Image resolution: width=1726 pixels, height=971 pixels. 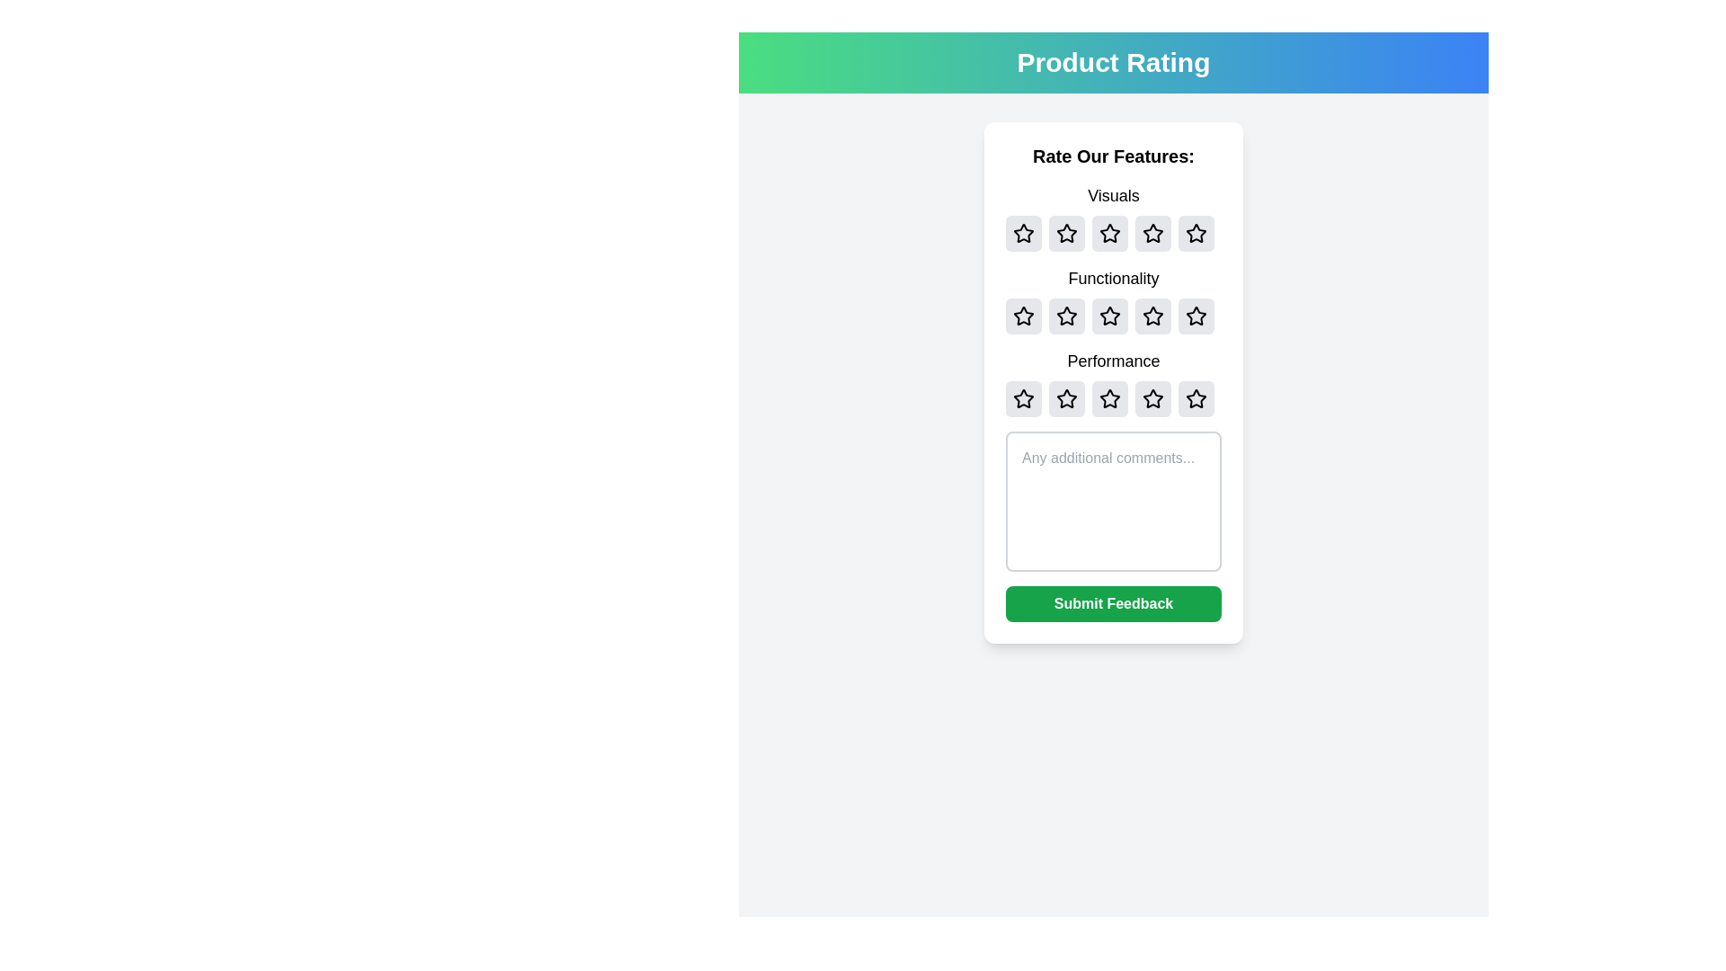 I want to click on the fifth star icon, so click(x=1196, y=315).